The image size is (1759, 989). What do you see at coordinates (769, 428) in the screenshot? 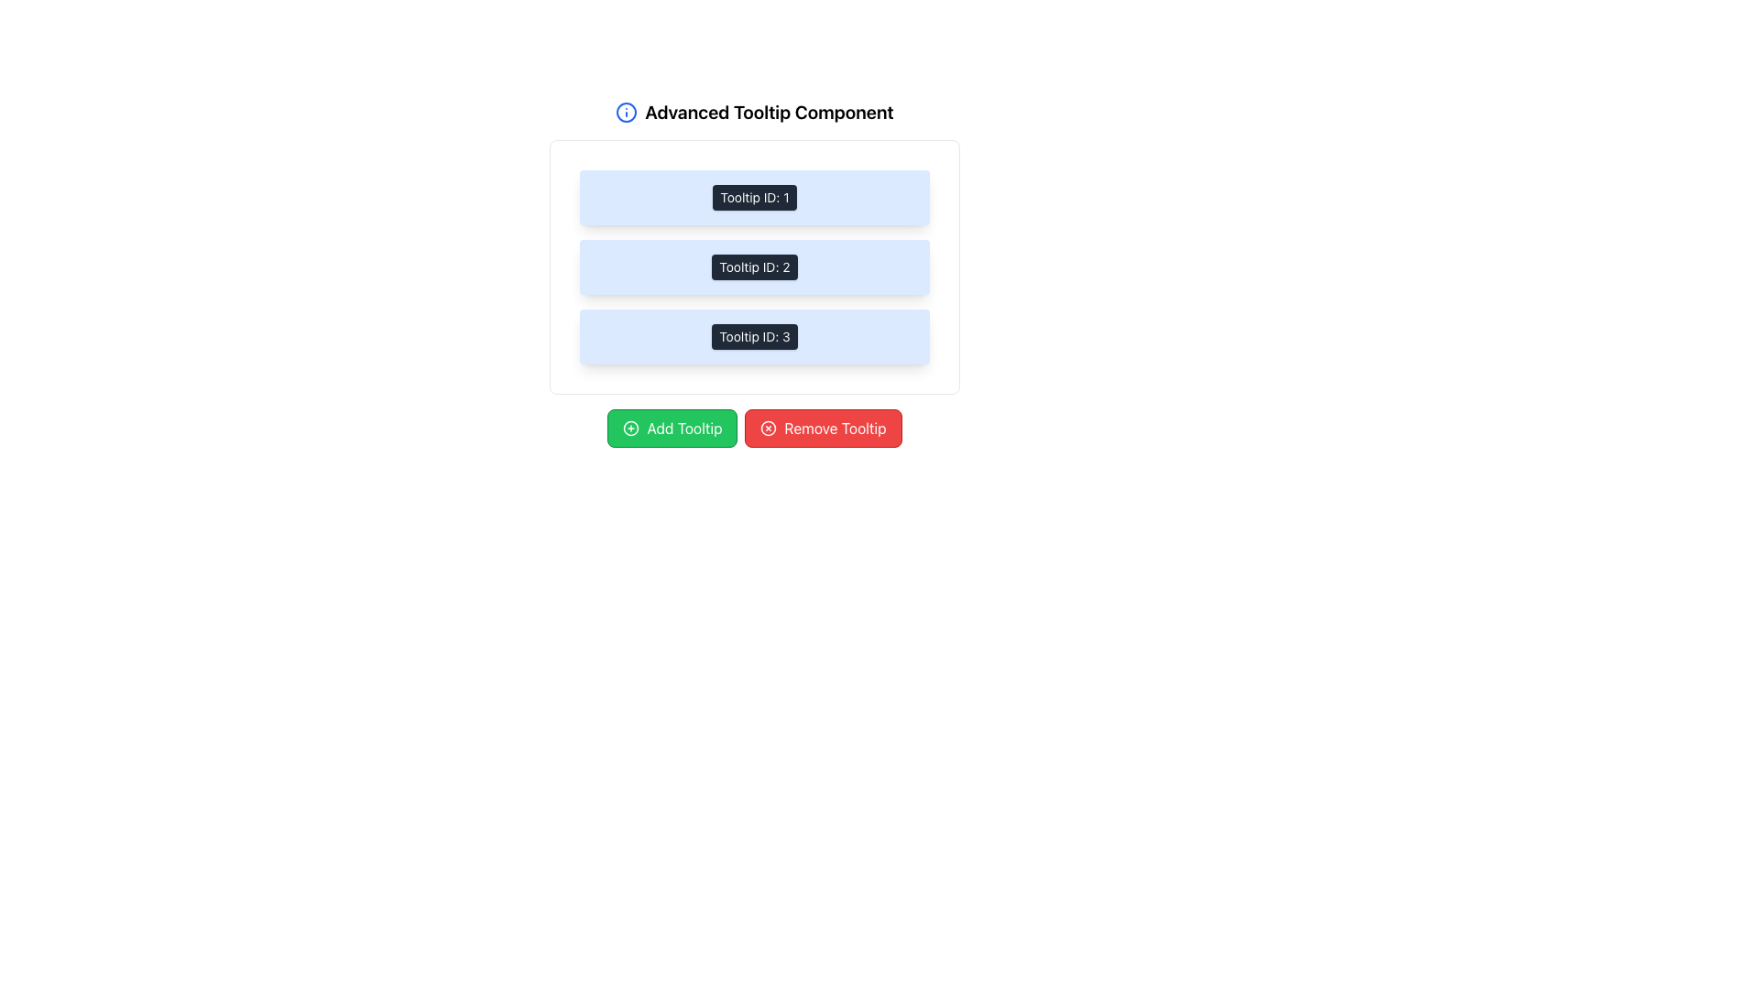
I see `the red circular icon with an 'X' inside, which is positioned on the left side of the 'Remove Tooltip' button text` at bounding box center [769, 428].